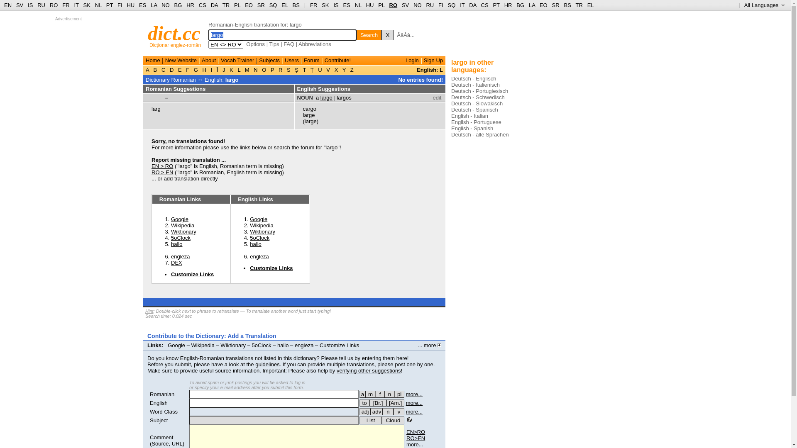 The width and height of the screenshot is (797, 448). I want to click on 'A', so click(148, 69).